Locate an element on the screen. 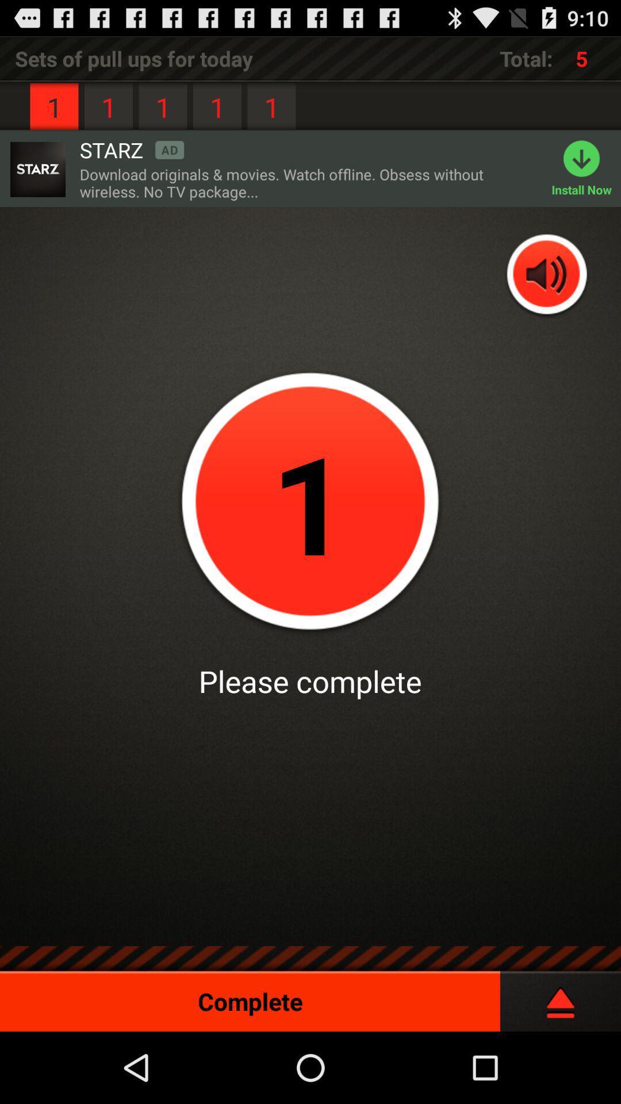 The height and width of the screenshot is (1104, 621). download starz app is located at coordinates (37, 168).